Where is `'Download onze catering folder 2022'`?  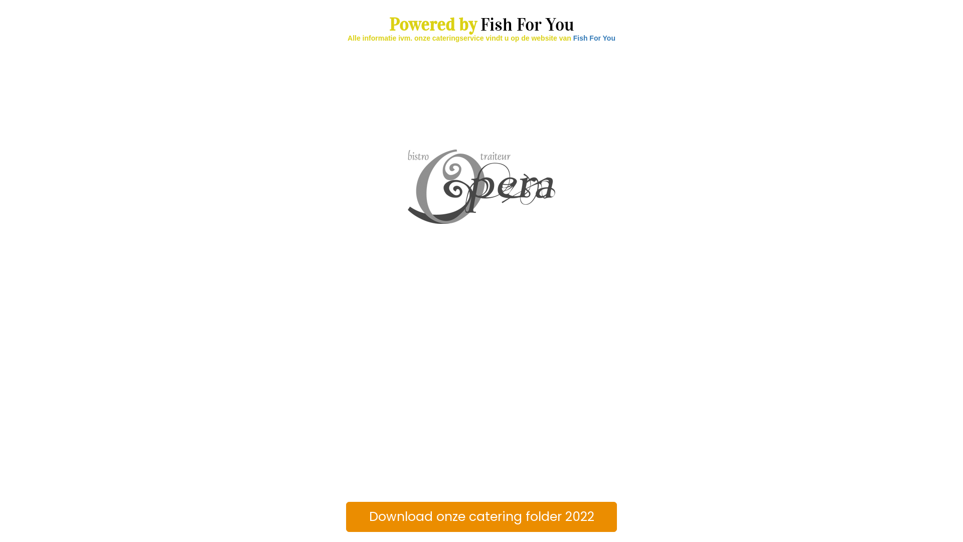 'Download onze catering folder 2022' is located at coordinates (346, 516).